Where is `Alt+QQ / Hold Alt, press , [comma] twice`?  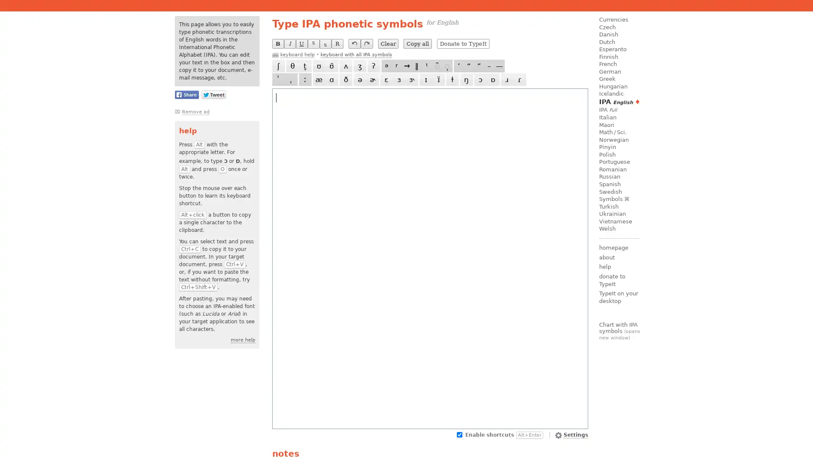
Alt+QQ / Hold Alt, press , [comma] twice is located at coordinates (290, 79).